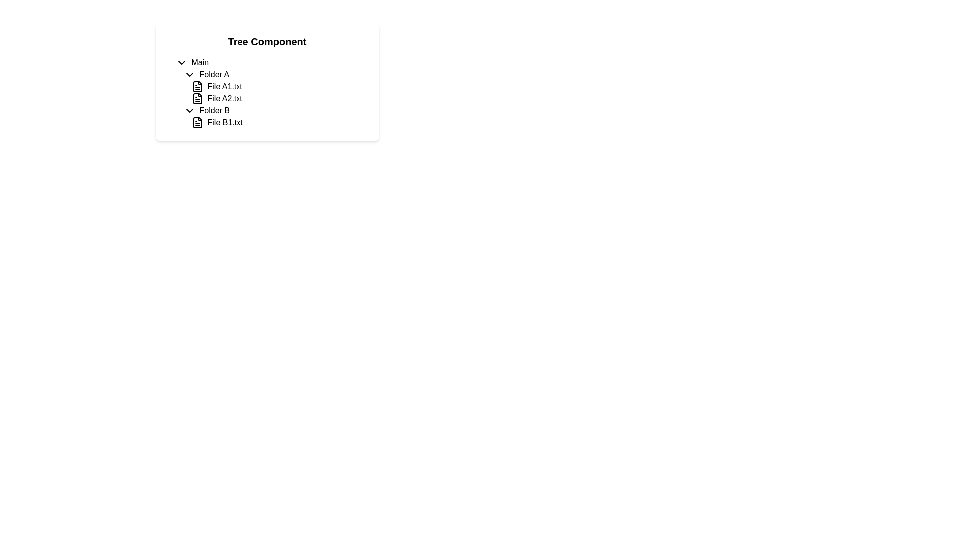  What do you see at coordinates (197, 98) in the screenshot?
I see `the Vector Icon associated with 'File A2.txt' to possibly trigger a tooltip or highlight effect` at bounding box center [197, 98].